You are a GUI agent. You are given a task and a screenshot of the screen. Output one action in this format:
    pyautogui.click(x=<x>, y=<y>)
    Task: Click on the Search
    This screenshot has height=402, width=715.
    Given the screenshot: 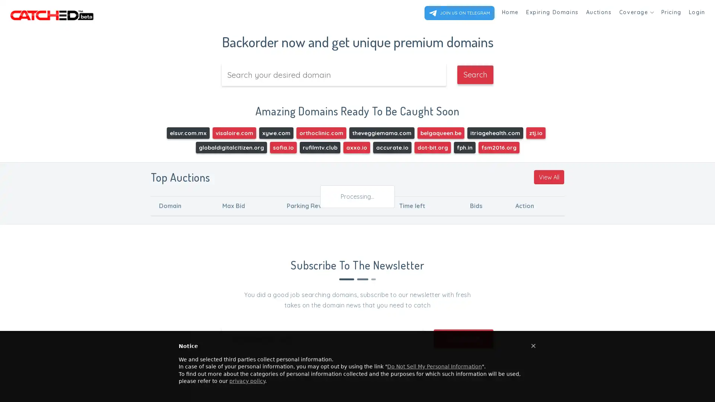 What is the action you would take?
    pyautogui.click(x=475, y=74)
    